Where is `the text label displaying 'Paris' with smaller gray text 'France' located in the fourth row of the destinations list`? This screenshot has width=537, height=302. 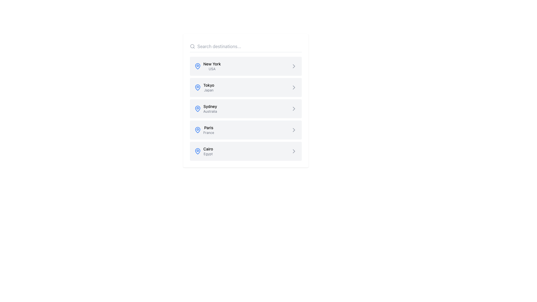
the text label displaying 'Paris' with smaller gray text 'France' located in the fourth row of the destinations list is located at coordinates (208, 130).